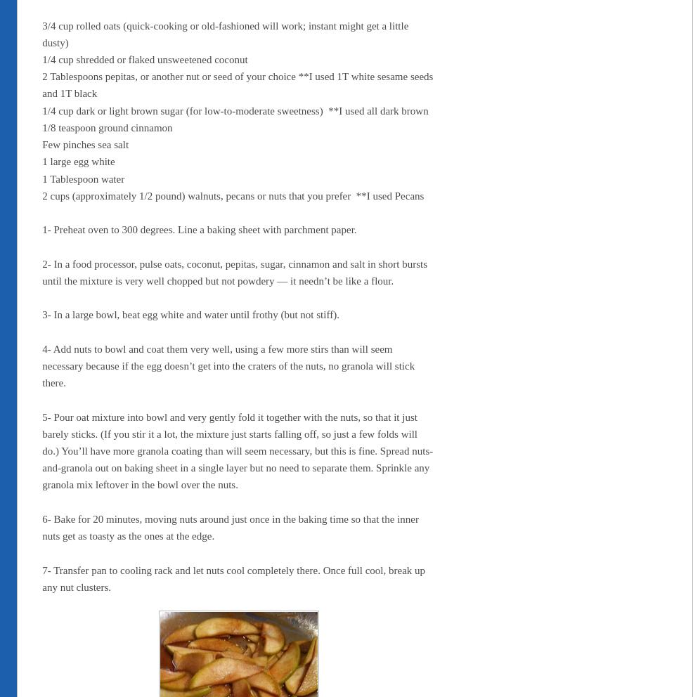 The height and width of the screenshot is (697, 693). I want to click on '5- Pour oat mixture into bowl and very gently fold it together with the nuts, so that it just barely sticks. (If you stir it a lot, the mixture just starts falling off, so just a few folds will do.) You’ll have more granola coating than will seem necessary, but this is fine. Spread nuts-and-granola out on baking sheet in a single layer but no need to separate them. Sprinkle any granola mix leftover in the bowl over the nuts.', so click(237, 450).